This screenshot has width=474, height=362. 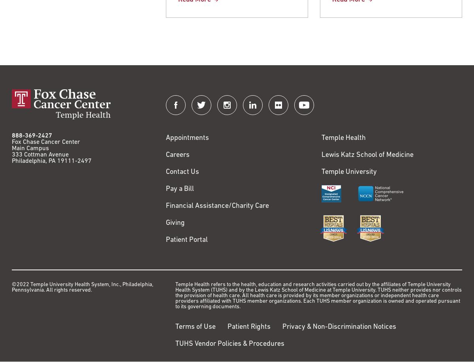 What do you see at coordinates (339, 327) in the screenshot?
I see `'Privacy & Non-Discrimination Notices'` at bounding box center [339, 327].